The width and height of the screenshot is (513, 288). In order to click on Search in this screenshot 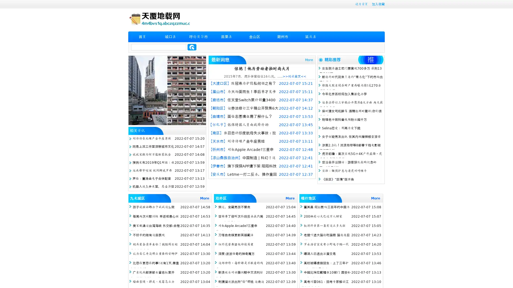, I will do `click(192, 47)`.